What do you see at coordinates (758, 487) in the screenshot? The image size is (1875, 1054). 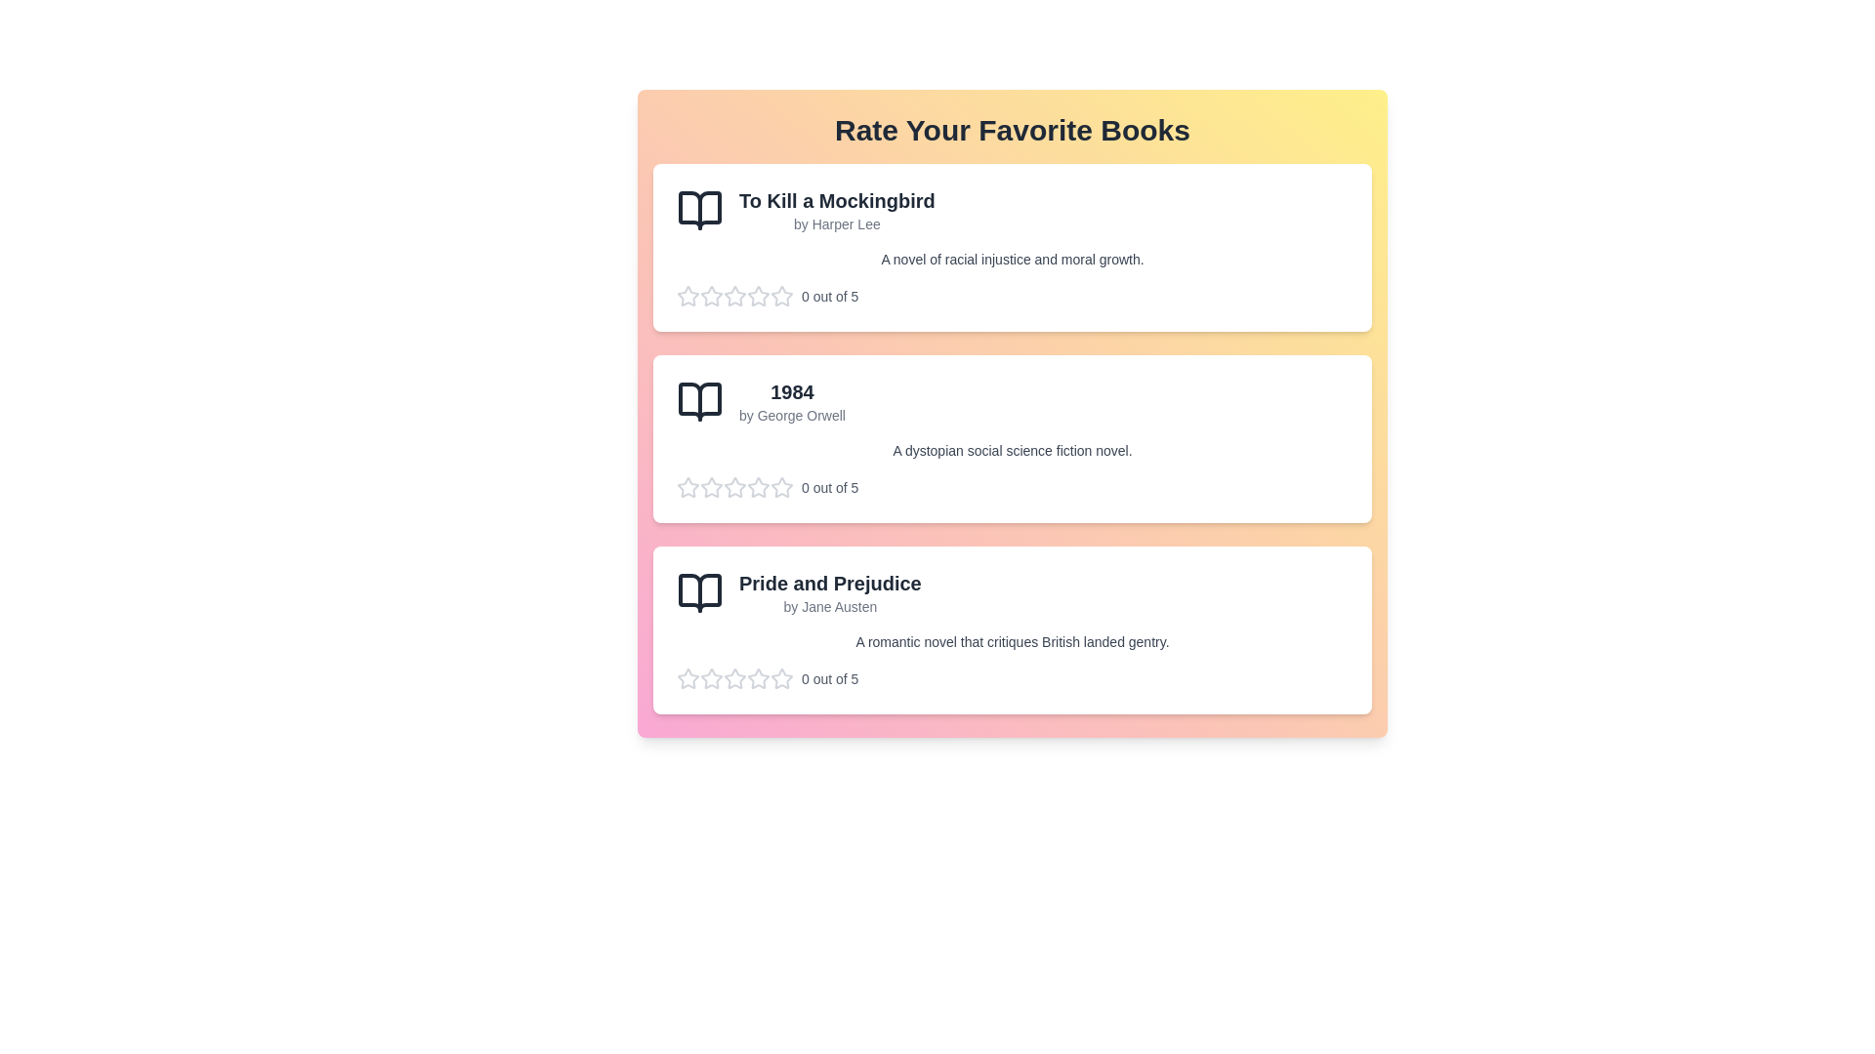 I see `the fifth star icon in the rating system located below the book title '1984' by George Orwell` at bounding box center [758, 487].